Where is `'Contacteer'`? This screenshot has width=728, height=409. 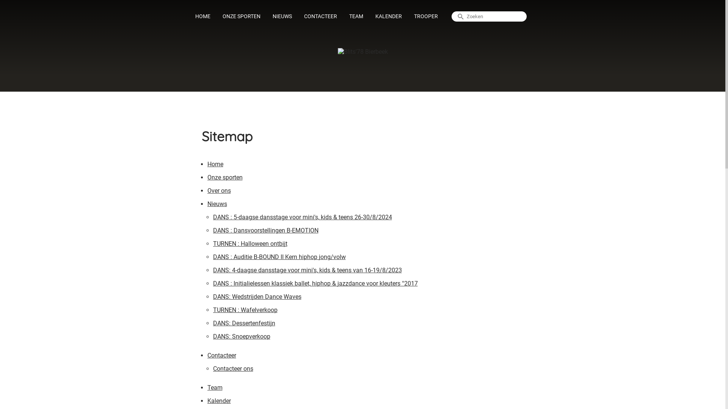
'Contacteer' is located at coordinates (221, 356).